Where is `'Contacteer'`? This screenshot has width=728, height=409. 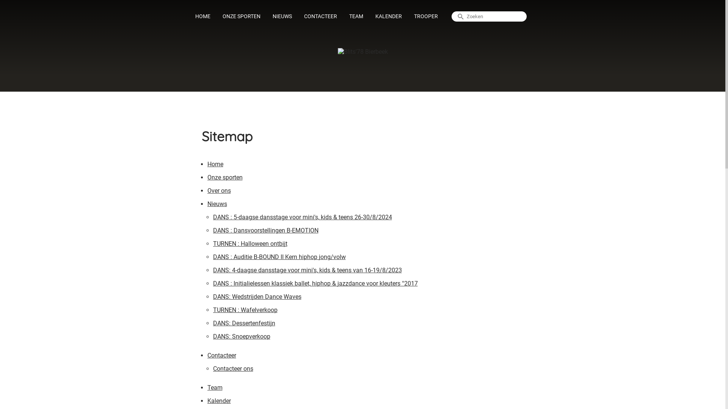
'Contacteer' is located at coordinates (221, 356).